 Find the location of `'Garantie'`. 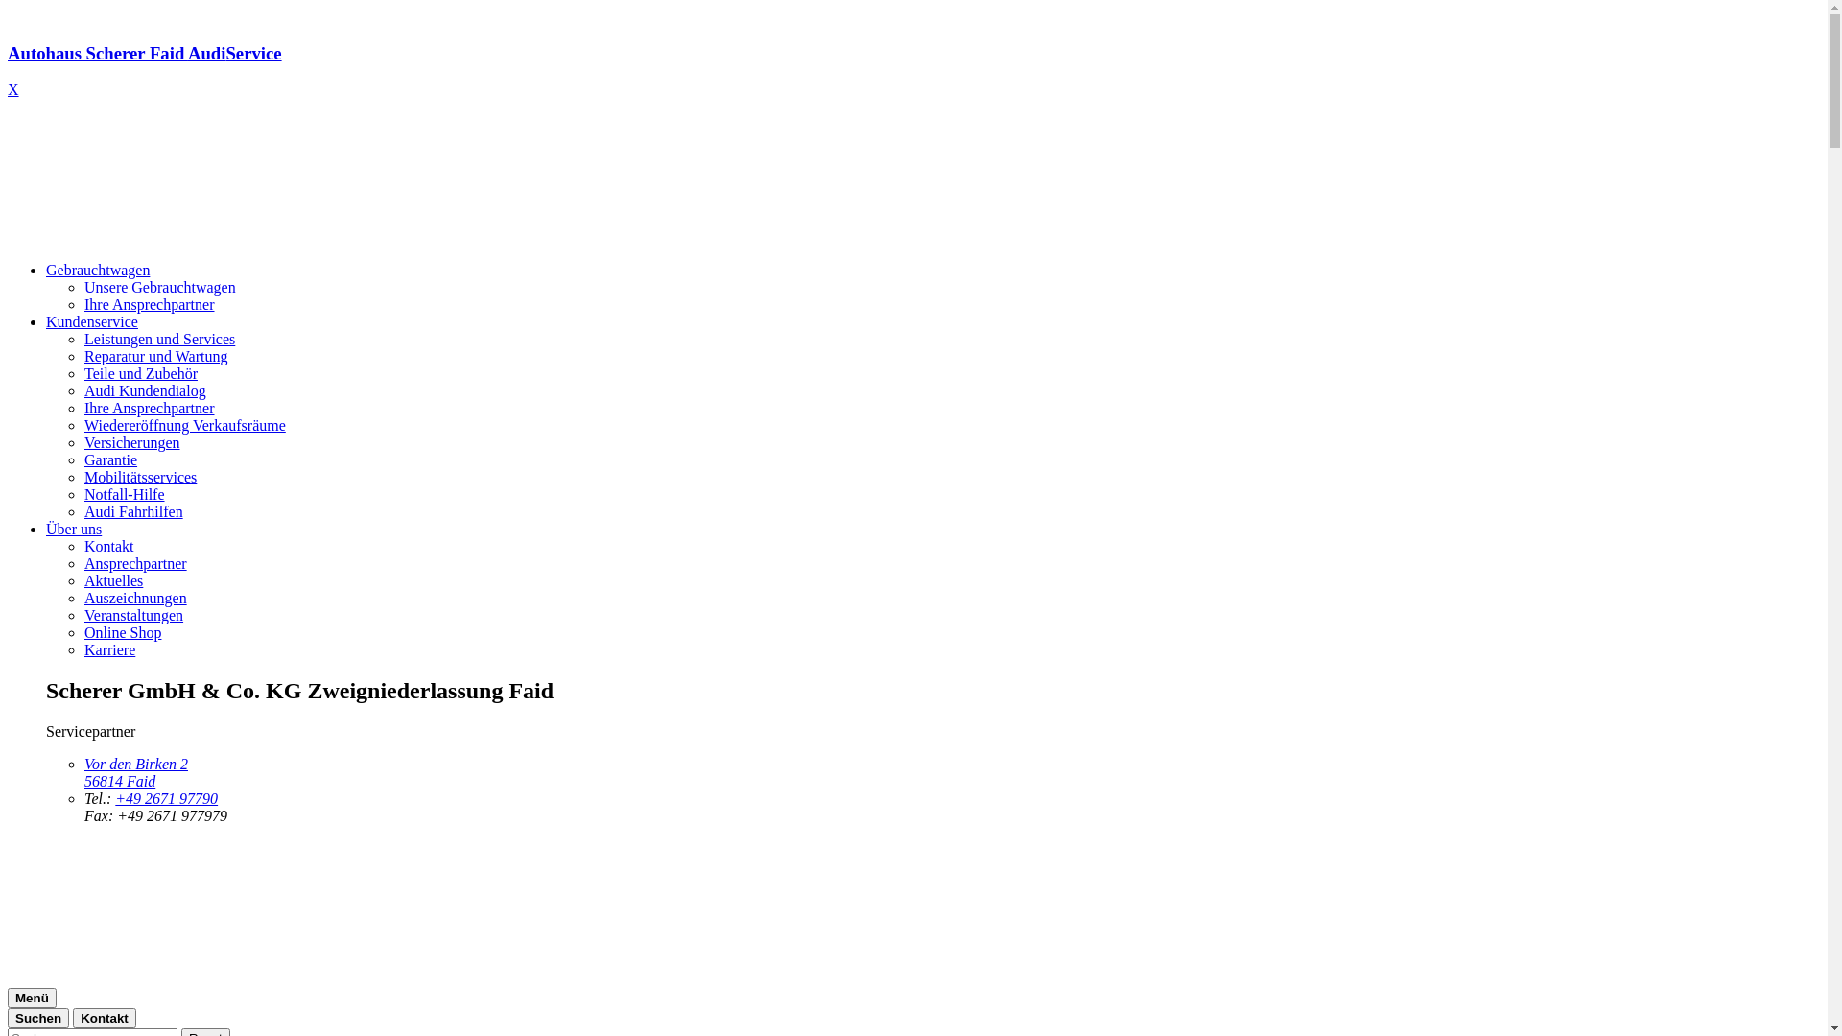

'Garantie' is located at coordinates (109, 459).